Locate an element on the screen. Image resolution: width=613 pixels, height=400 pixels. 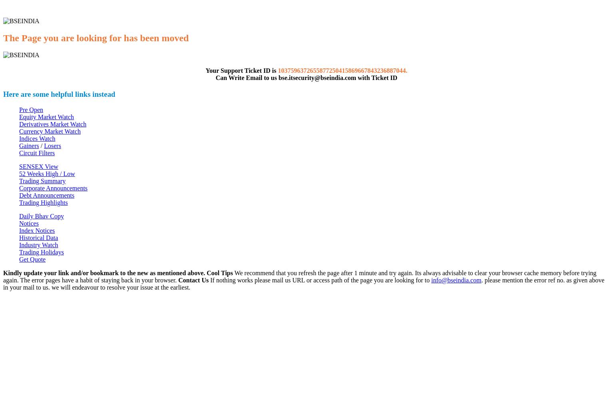
'Historical Data' is located at coordinates (38, 237).